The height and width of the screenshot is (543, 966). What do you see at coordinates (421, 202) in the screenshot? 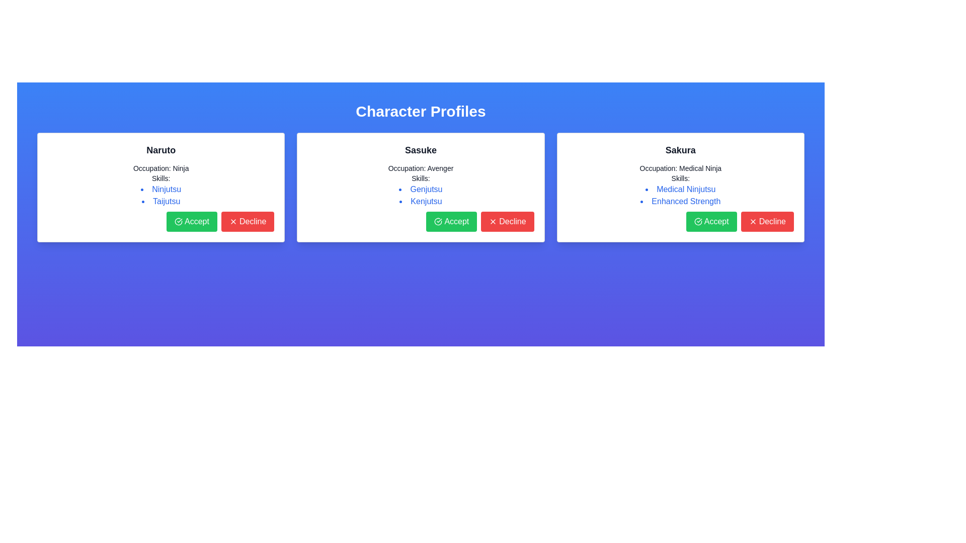
I see `the second item in the bulleted list of skills displaying 'Kenjutsu' associated with the character Sasuke` at bounding box center [421, 202].